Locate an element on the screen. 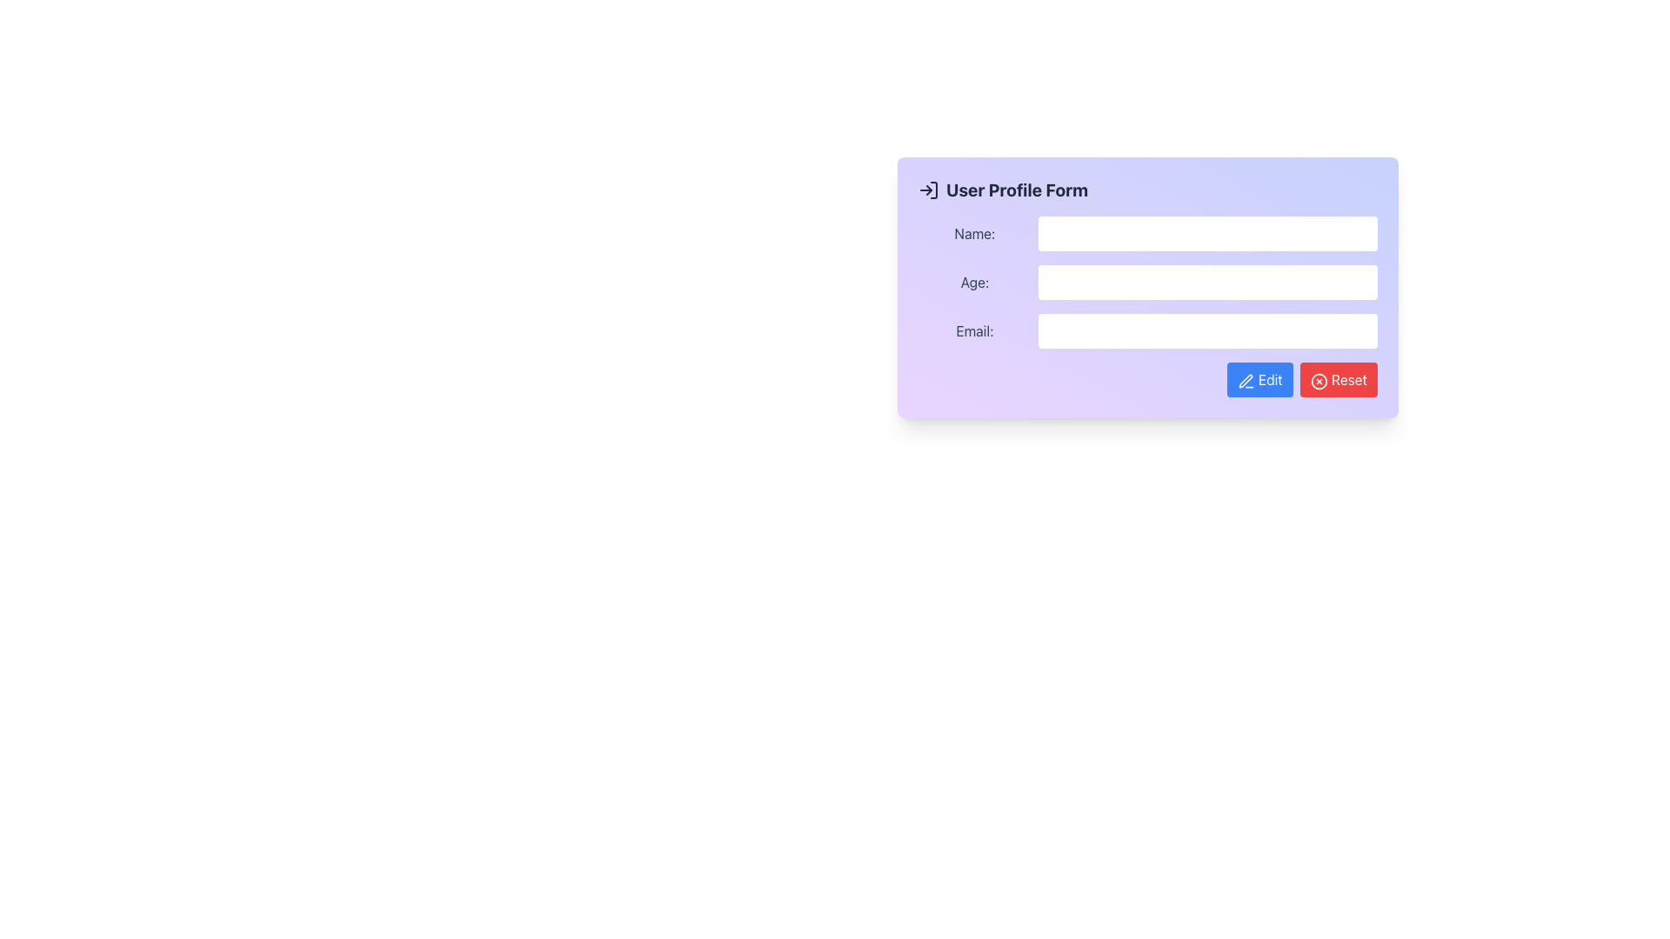  text of the label indicating the email input field, which is positioned above the email input in the bottom-left section of the user profile form is located at coordinates (974, 331).